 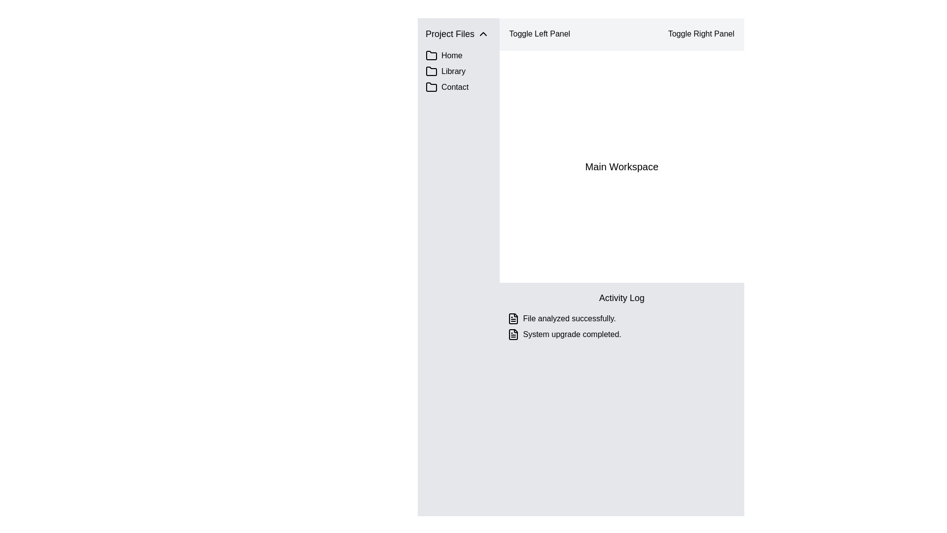 What do you see at coordinates (449, 34) in the screenshot?
I see `the 'Project Files' section header text label located at the uppermost part of the left-side panel` at bounding box center [449, 34].